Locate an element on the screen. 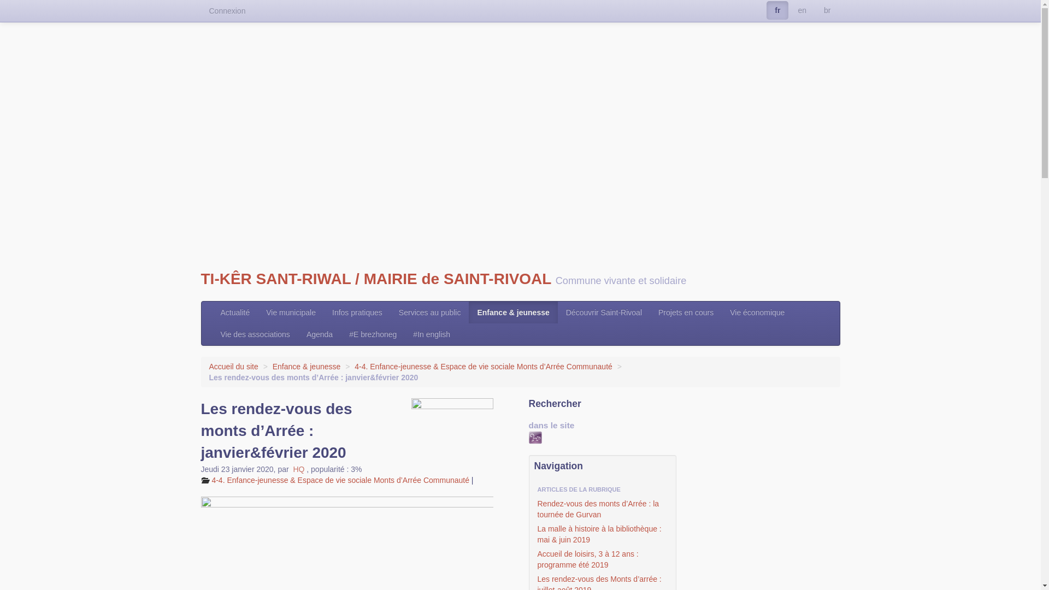 The width and height of the screenshot is (1049, 590). 'Enfance & jeunesse' is located at coordinates (306, 367).